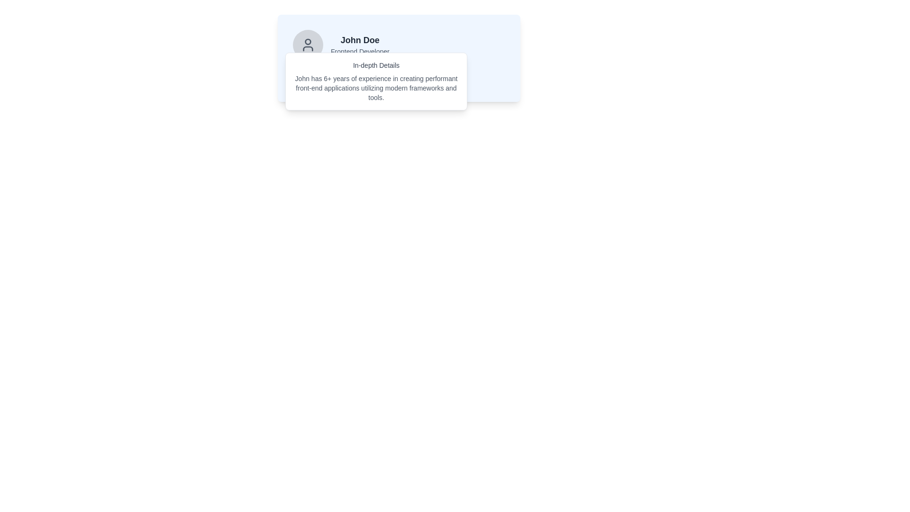  What do you see at coordinates (308, 41) in the screenshot?
I see `the circular SVG element representing the user's head, located at the top center of the user icon` at bounding box center [308, 41].